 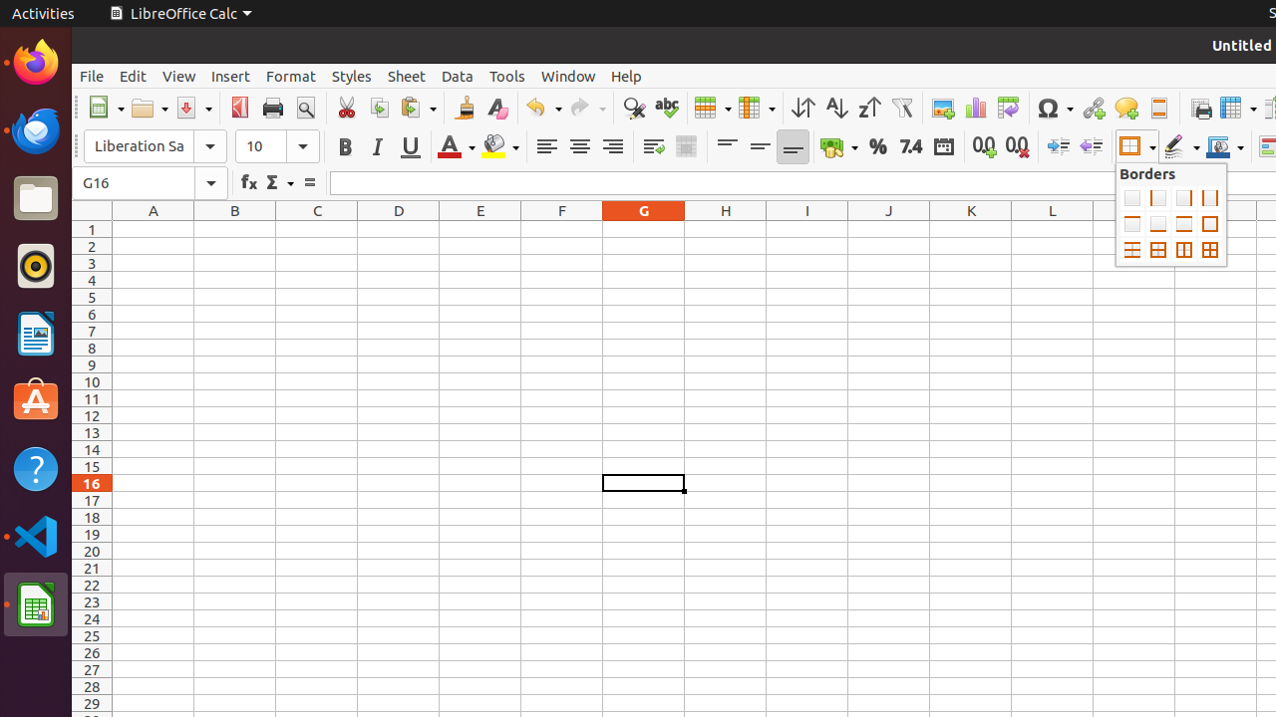 What do you see at coordinates (1214, 228) in the screenshot?
I see `'N1'` at bounding box center [1214, 228].